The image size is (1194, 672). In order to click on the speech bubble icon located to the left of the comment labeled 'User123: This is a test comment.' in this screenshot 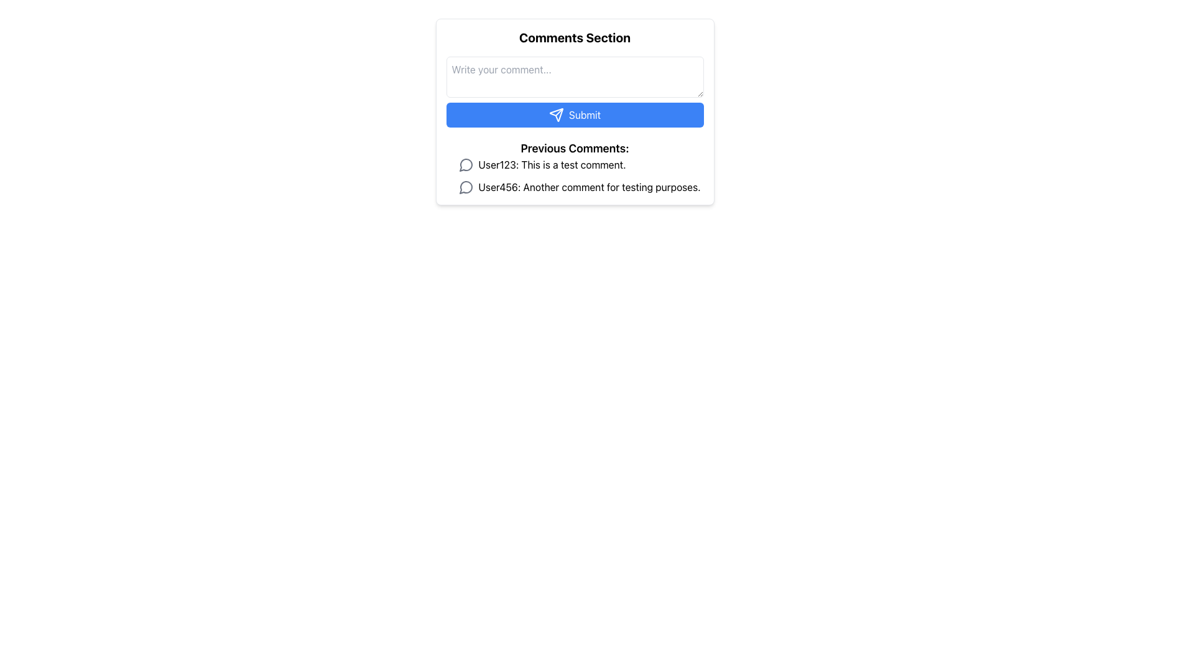, I will do `click(465, 164)`.